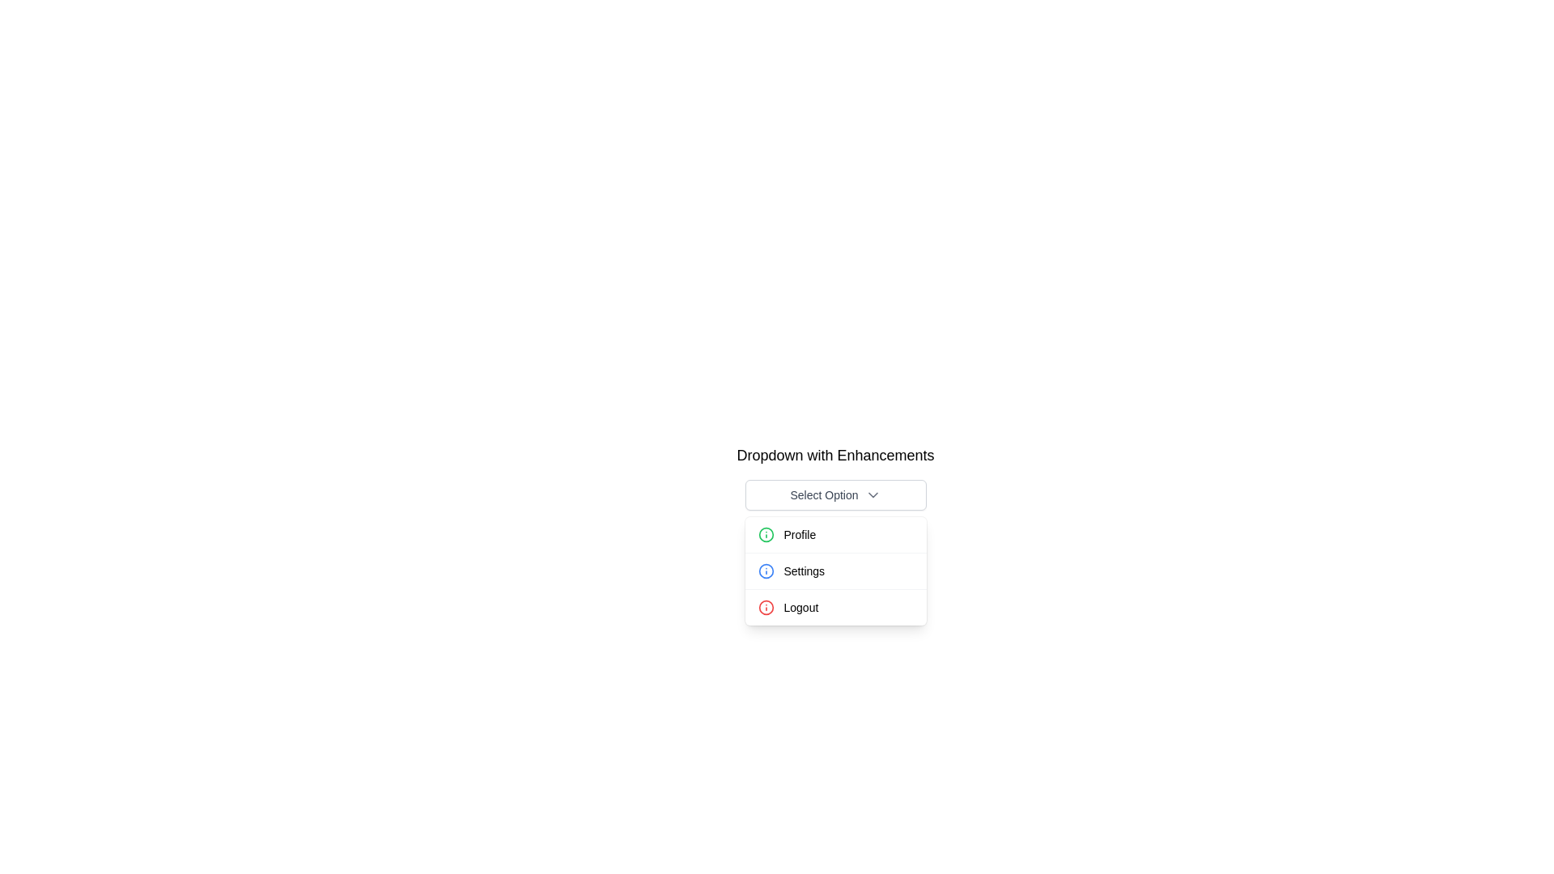 The height and width of the screenshot is (874, 1554). Describe the element at coordinates (765, 570) in the screenshot. I see `the icon located at the beginning of the 'Settings' row in the vertical dropdown menu` at that location.